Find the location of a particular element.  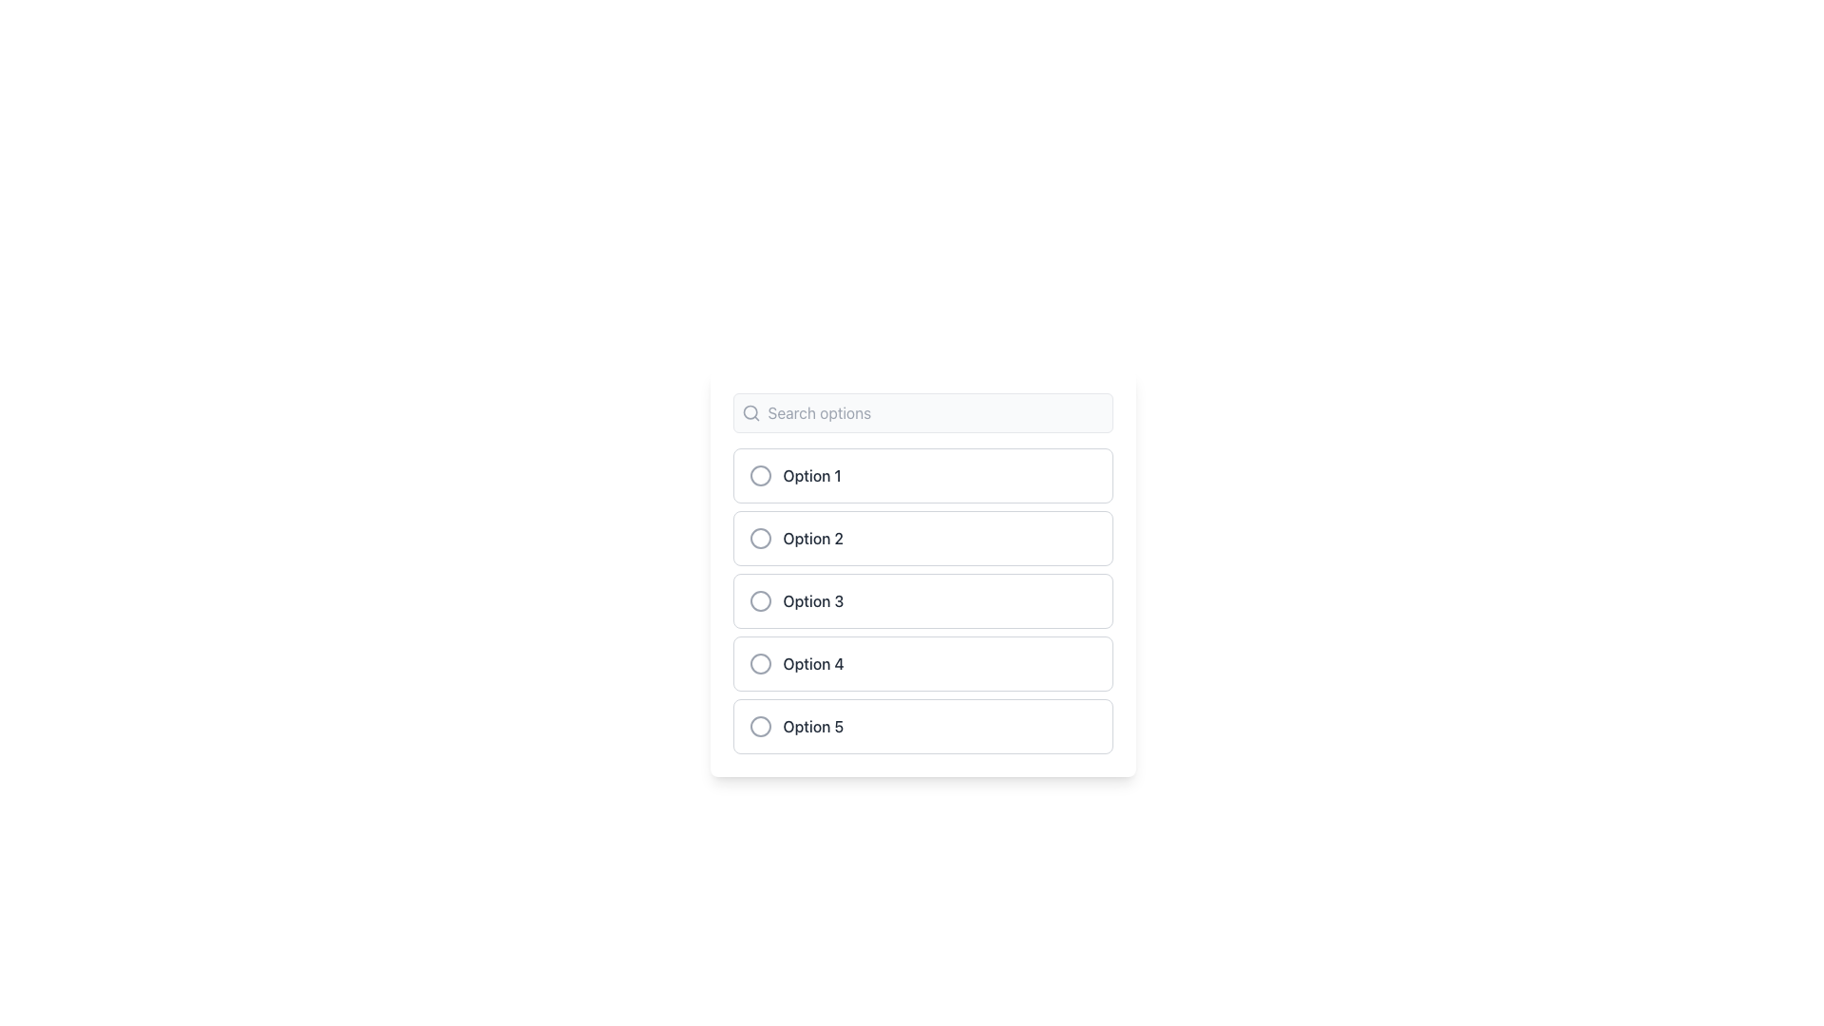

the text label for the second item in the selectable options list, which serves as the description for the associated radio button is located at coordinates (813, 539).